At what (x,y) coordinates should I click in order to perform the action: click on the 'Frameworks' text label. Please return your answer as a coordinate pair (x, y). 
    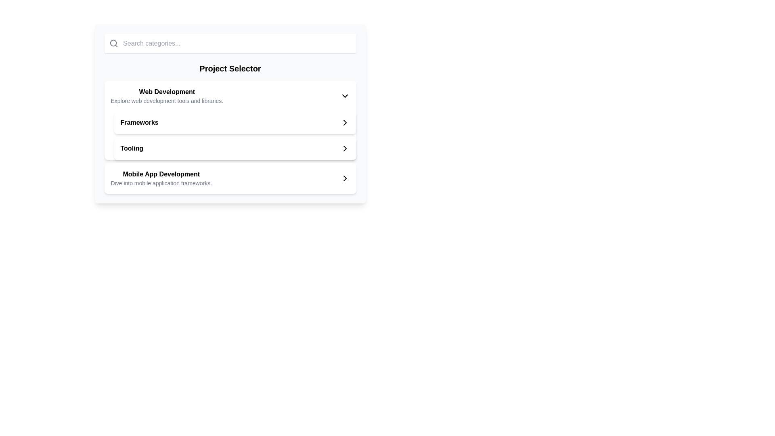
    Looking at the image, I should click on (139, 123).